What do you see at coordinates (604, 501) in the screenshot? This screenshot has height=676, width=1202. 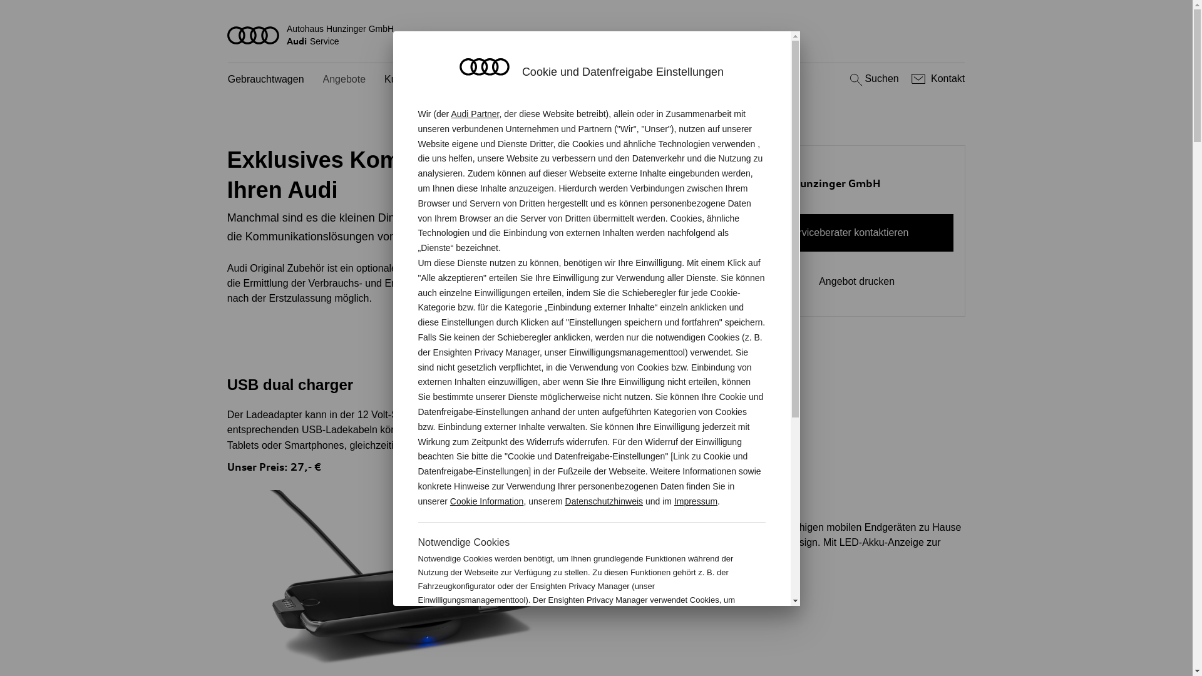 I see `'Datenschutzhinweis'` at bounding box center [604, 501].